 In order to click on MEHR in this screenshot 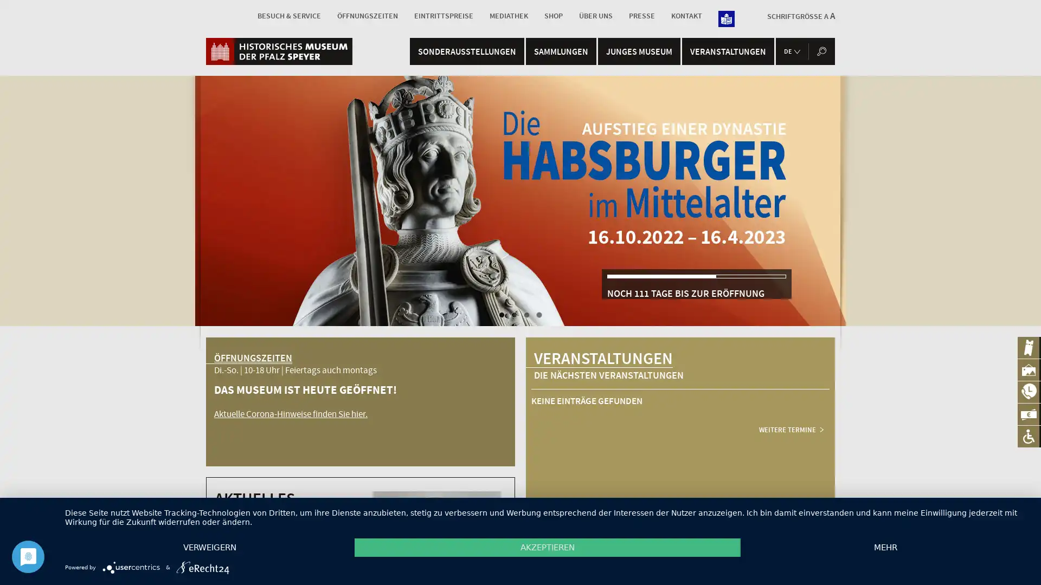, I will do `click(885, 547)`.